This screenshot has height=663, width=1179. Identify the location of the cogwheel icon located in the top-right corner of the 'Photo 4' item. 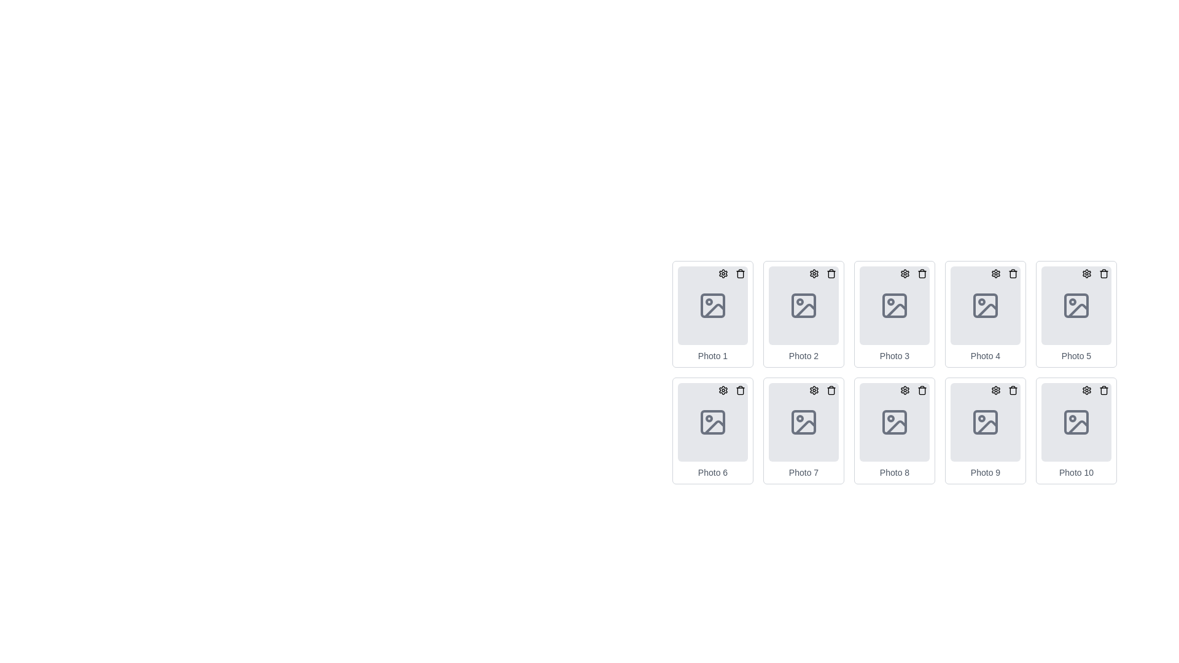
(996, 273).